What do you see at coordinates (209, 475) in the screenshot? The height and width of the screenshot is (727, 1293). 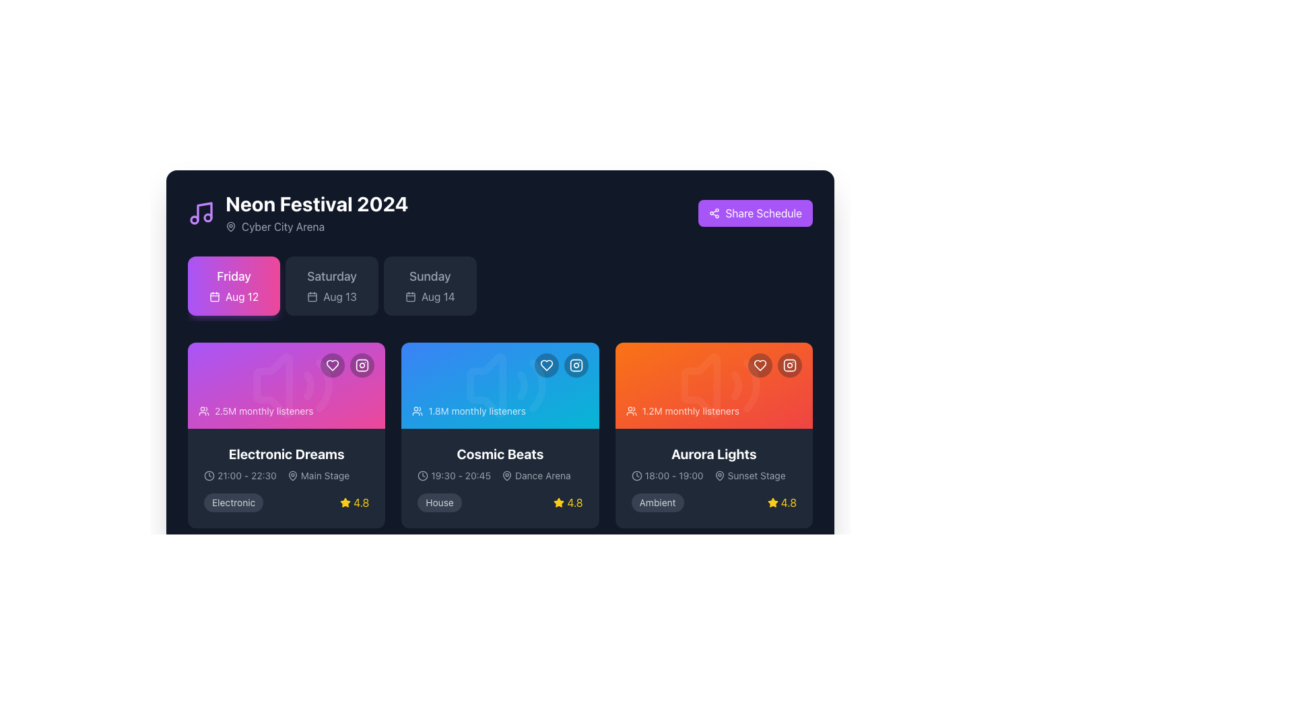 I see `the clock icon located to the left of the text '21:00 - 22:30' within the card labeled 'Electronic Dreams'` at bounding box center [209, 475].